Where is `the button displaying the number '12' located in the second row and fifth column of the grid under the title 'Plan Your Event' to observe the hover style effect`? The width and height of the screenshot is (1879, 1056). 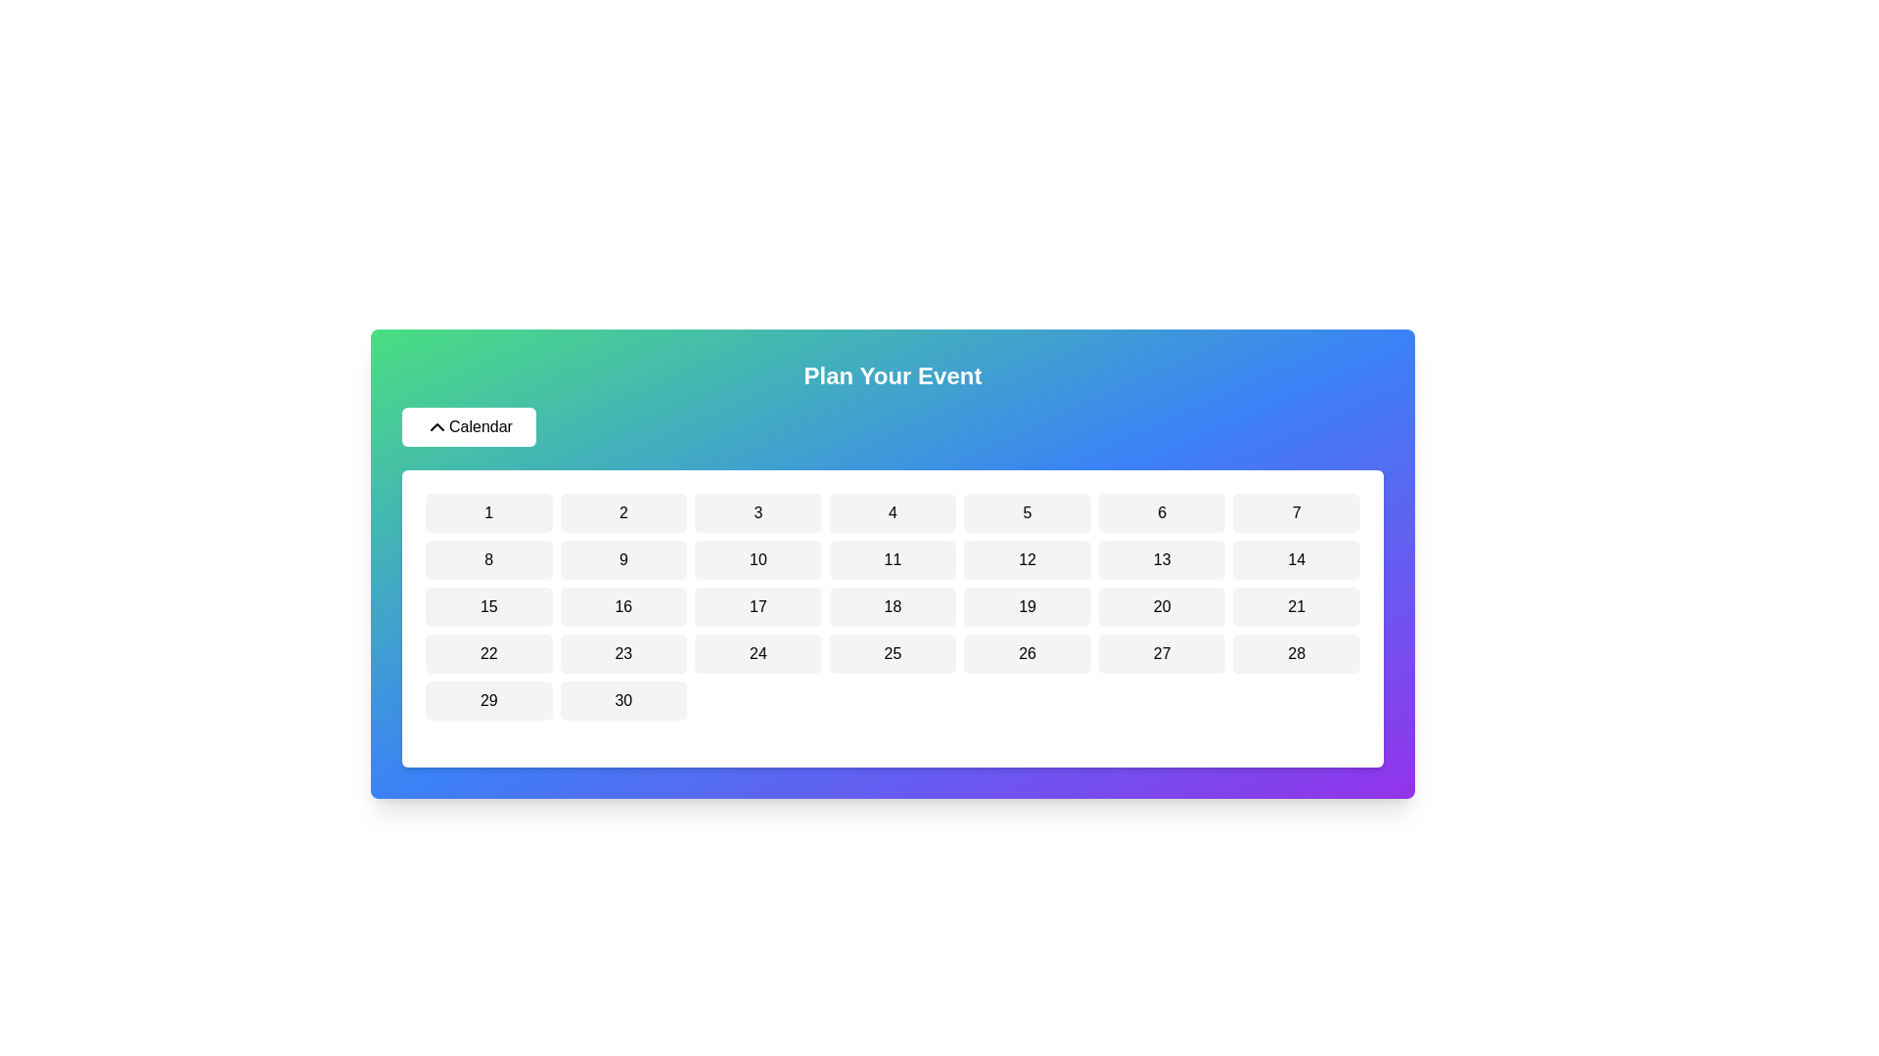 the button displaying the number '12' located in the second row and fifth column of the grid under the title 'Plan Your Event' to observe the hover style effect is located at coordinates (1027, 560).